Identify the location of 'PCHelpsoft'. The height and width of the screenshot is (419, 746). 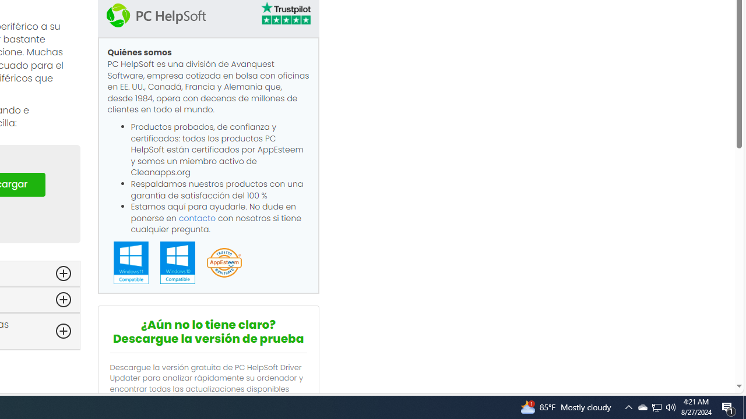
(155, 15).